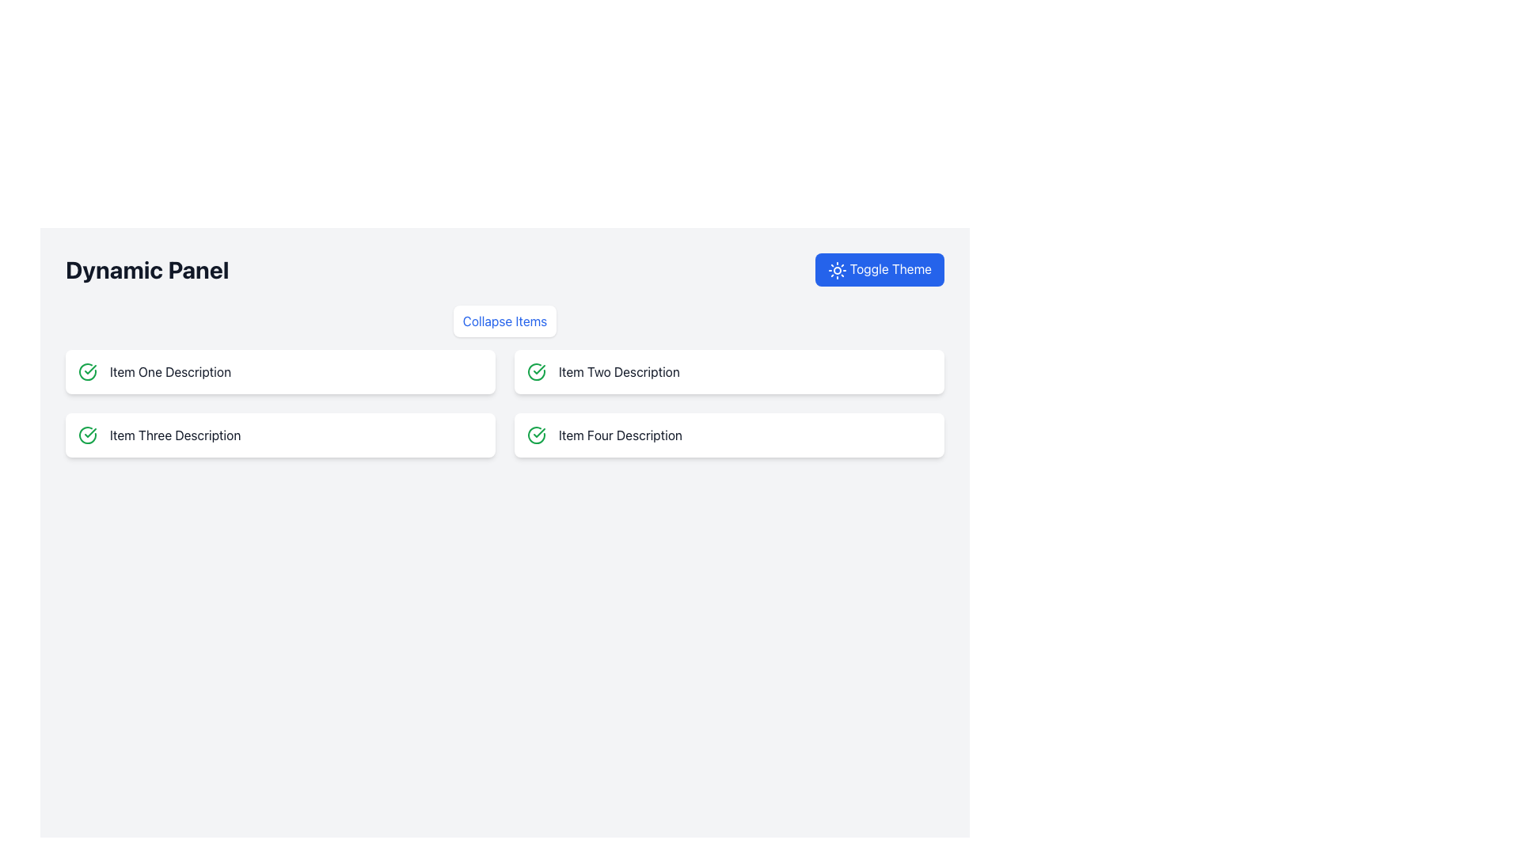 The image size is (1520, 855). I want to click on the small green checkmark icon located within the larger circular icon, positioned to the left of the text 'Item Four Description' in the bottom-right card, so click(539, 369).